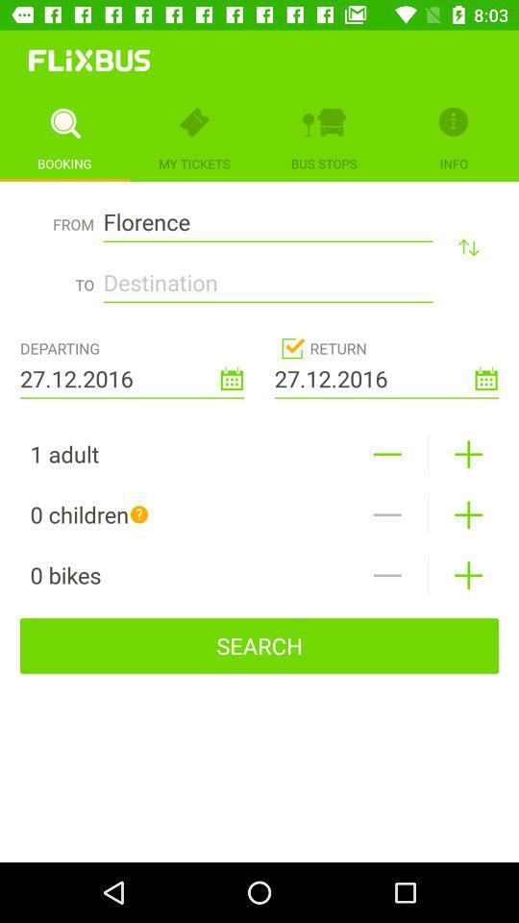  I want to click on more count, so click(467, 454).